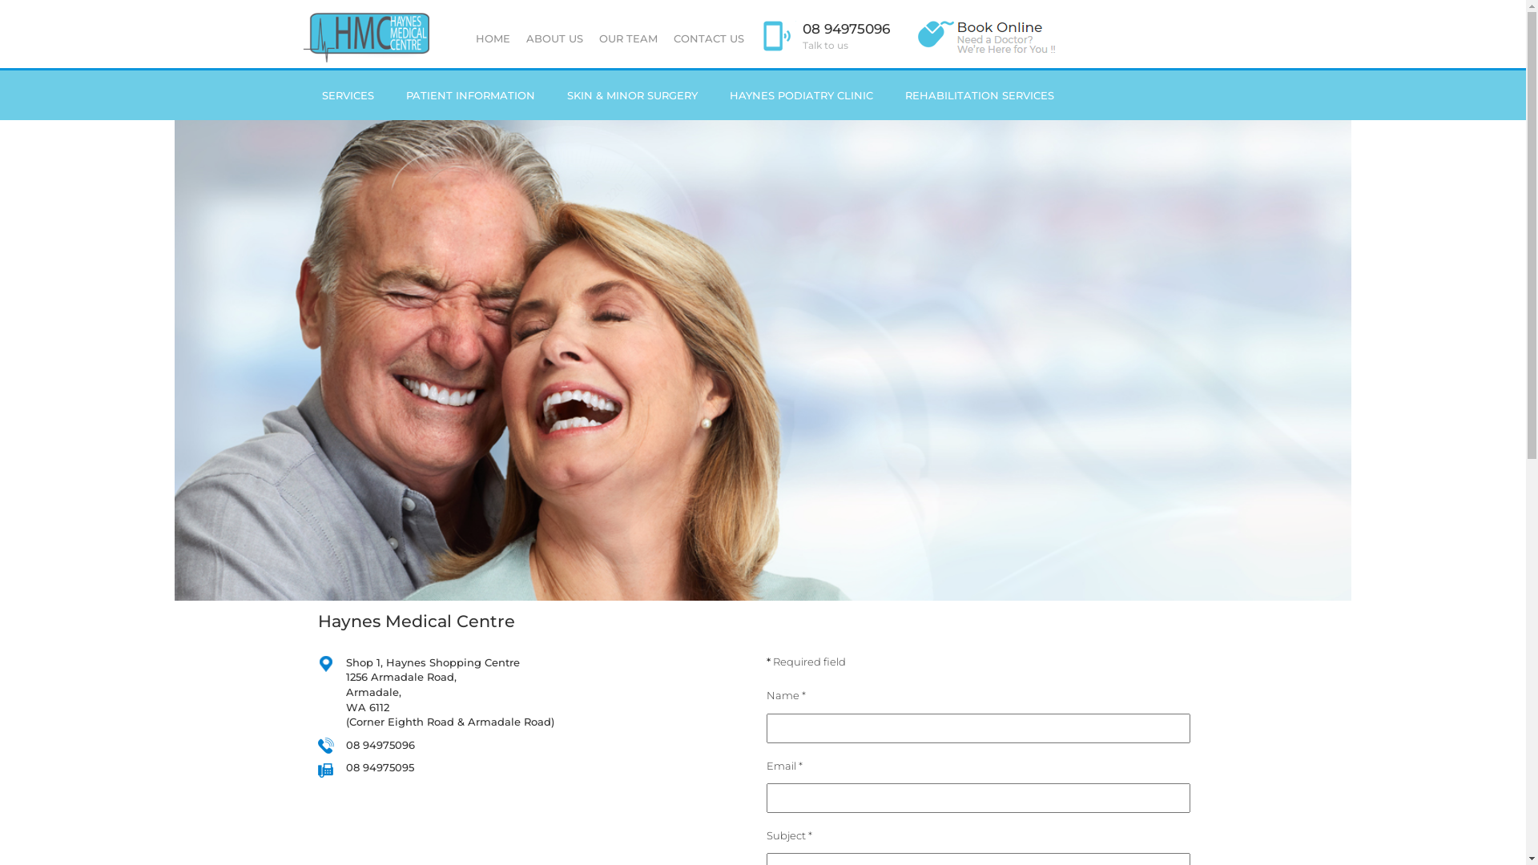  What do you see at coordinates (347, 95) in the screenshot?
I see `'SERVICES'` at bounding box center [347, 95].